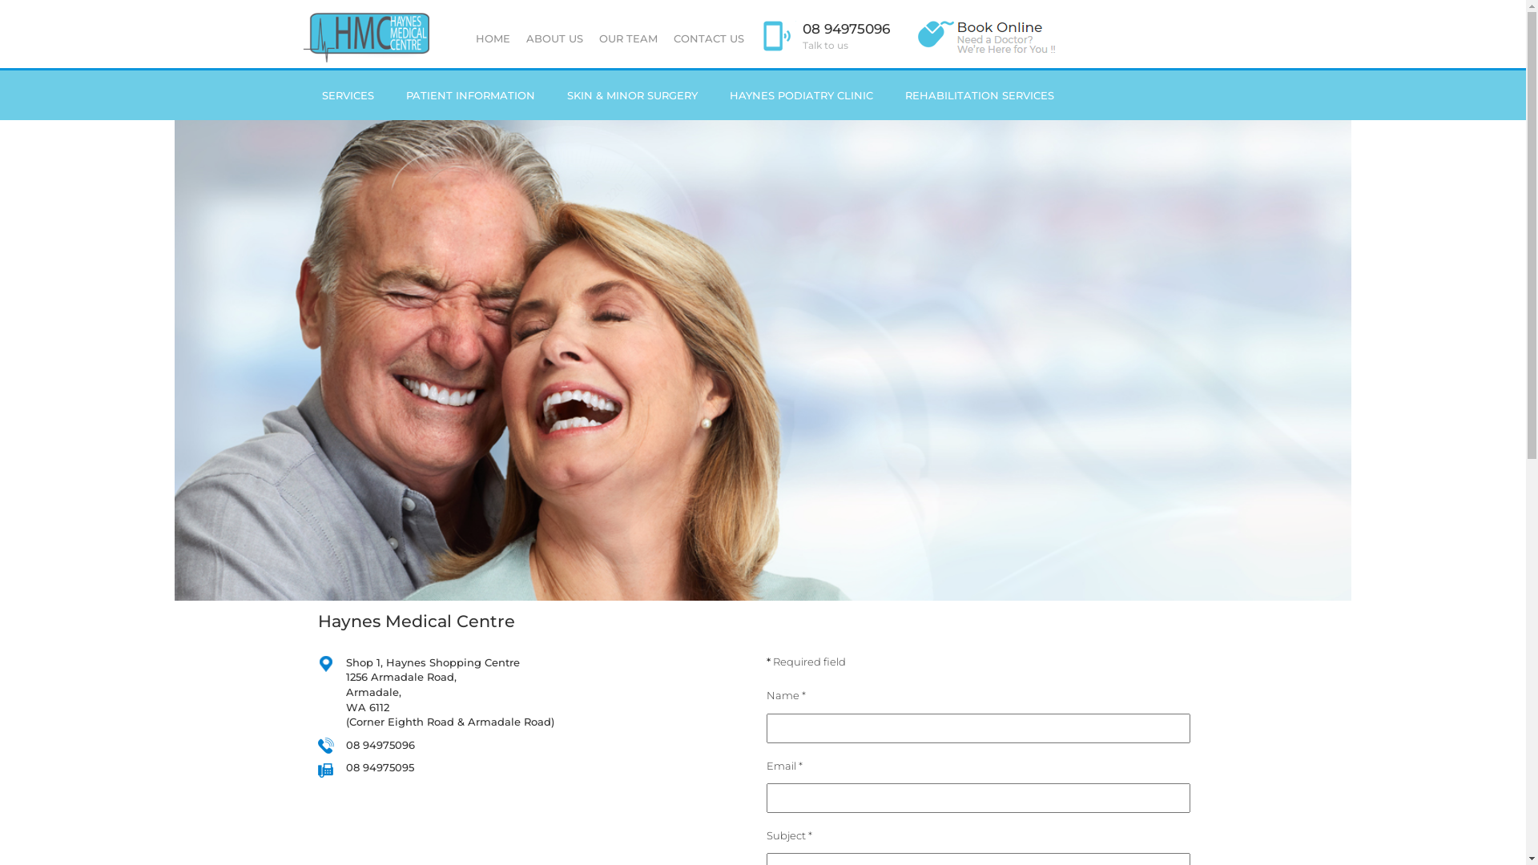  What do you see at coordinates (347, 95) in the screenshot?
I see `'SERVICES'` at bounding box center [347, 95].